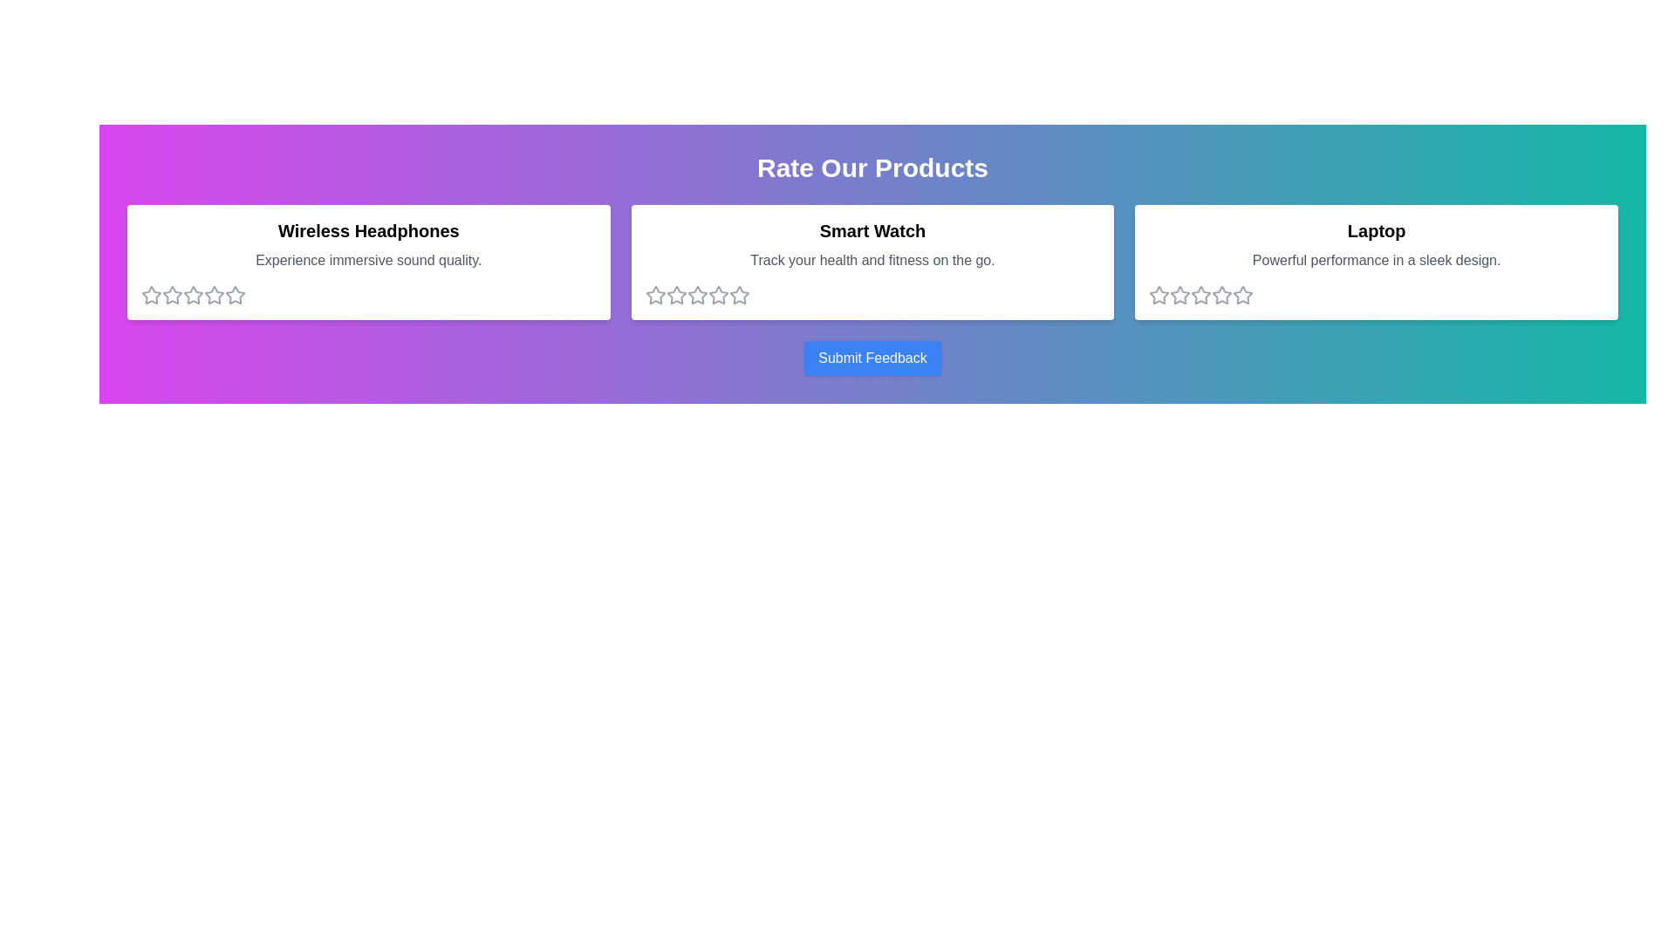 The image size is (1675, 942). I want to click on the 3 star for the product Wireless Headphones to set its rating, so click(193, 295).